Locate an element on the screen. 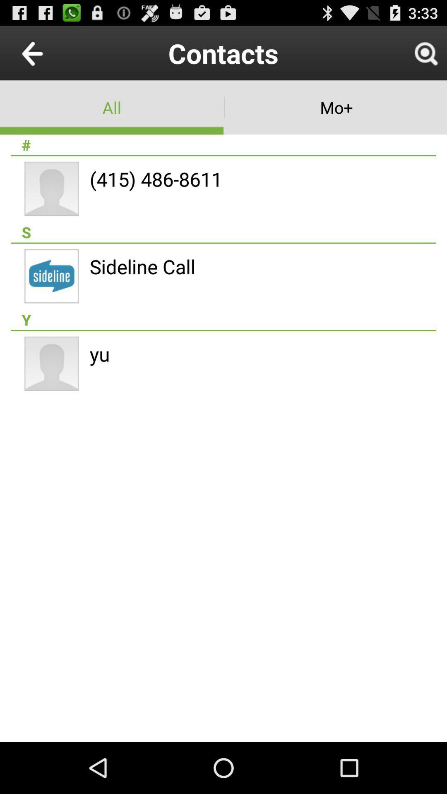 The image size is (447, 794). the item above the s app is located at coordinates (156, 179).